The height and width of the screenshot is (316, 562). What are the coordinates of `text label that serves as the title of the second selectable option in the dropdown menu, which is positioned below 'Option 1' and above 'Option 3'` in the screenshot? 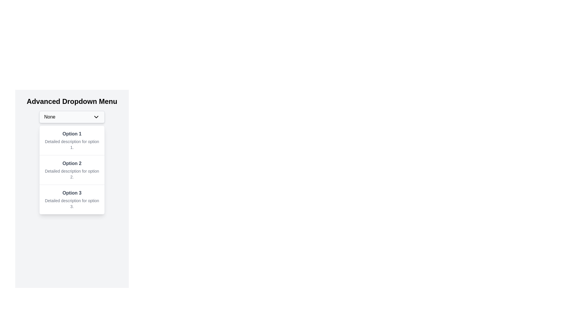 It's located at (71, 164).